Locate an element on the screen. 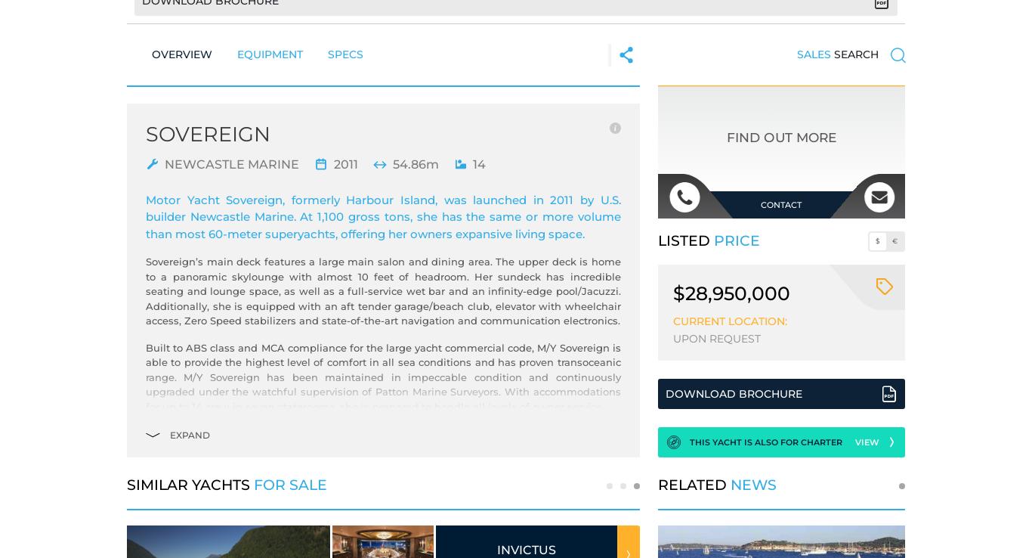 The image size is (1032, 558). 'Motor Yacht Sovereign, formerly Harbour Island, was launched in 2011 by U.S. builder Newcastle Marine. At 1,100 gross tons, she has the same or more volume than most 60-meter superyachts, offering her owners expansive living space.' is located at coordinates (145, 215).